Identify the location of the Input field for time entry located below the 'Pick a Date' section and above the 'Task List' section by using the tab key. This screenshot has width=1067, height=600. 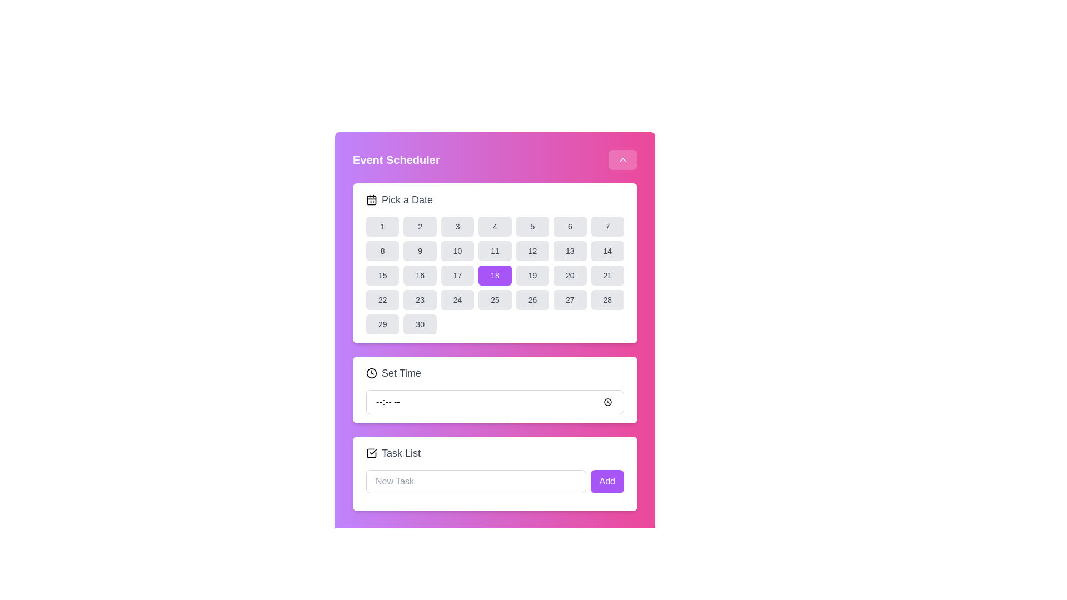
(495, 402).